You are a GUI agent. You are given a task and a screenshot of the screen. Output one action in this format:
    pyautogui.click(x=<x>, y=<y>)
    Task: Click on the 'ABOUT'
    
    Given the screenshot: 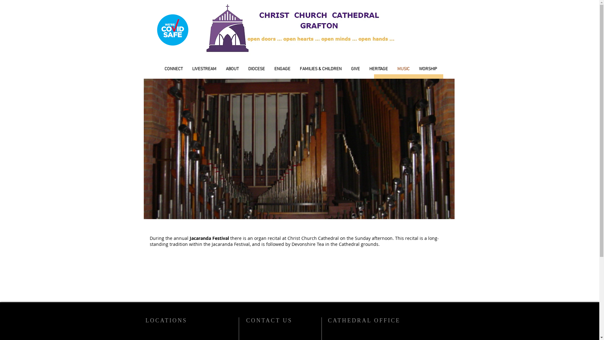 What is the action you would take?
    pyautogui.click(x=232, y=69)
    